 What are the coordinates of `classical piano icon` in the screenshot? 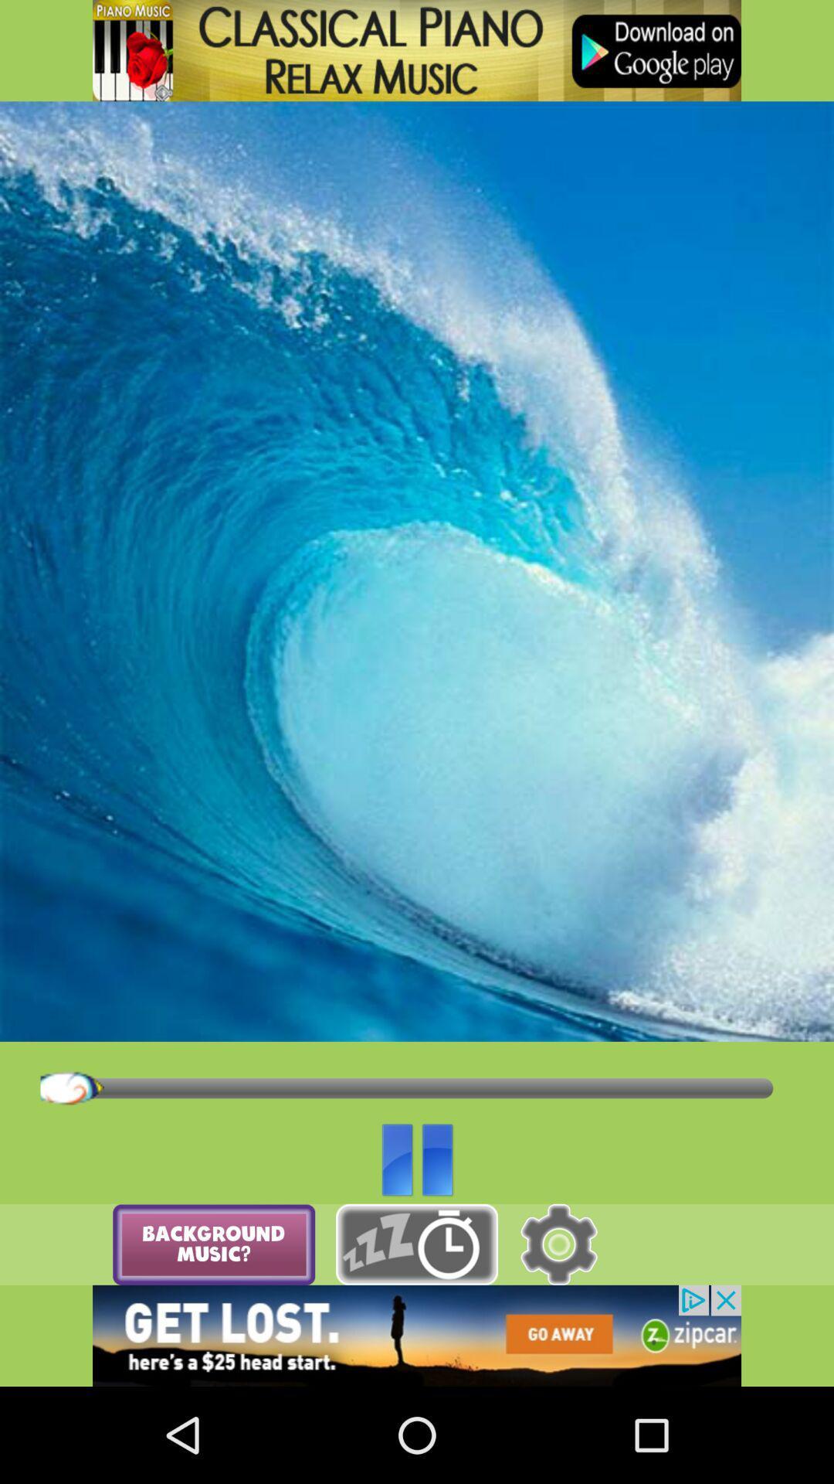 It's located at (417, 50).